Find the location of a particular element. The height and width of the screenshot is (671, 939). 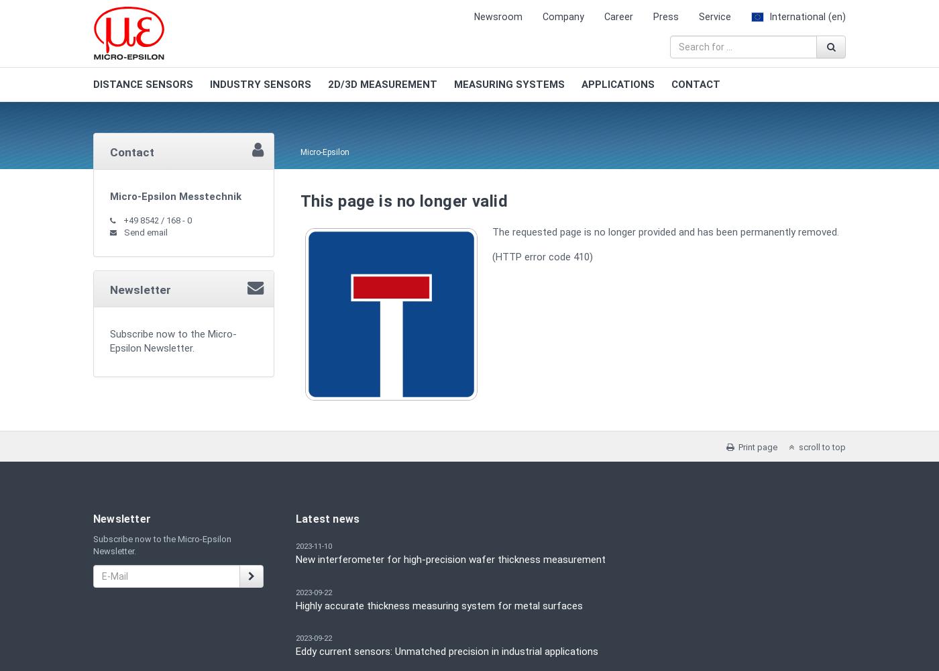

'INDUSTRY SENSORS' is located at coordinates (260, 85).